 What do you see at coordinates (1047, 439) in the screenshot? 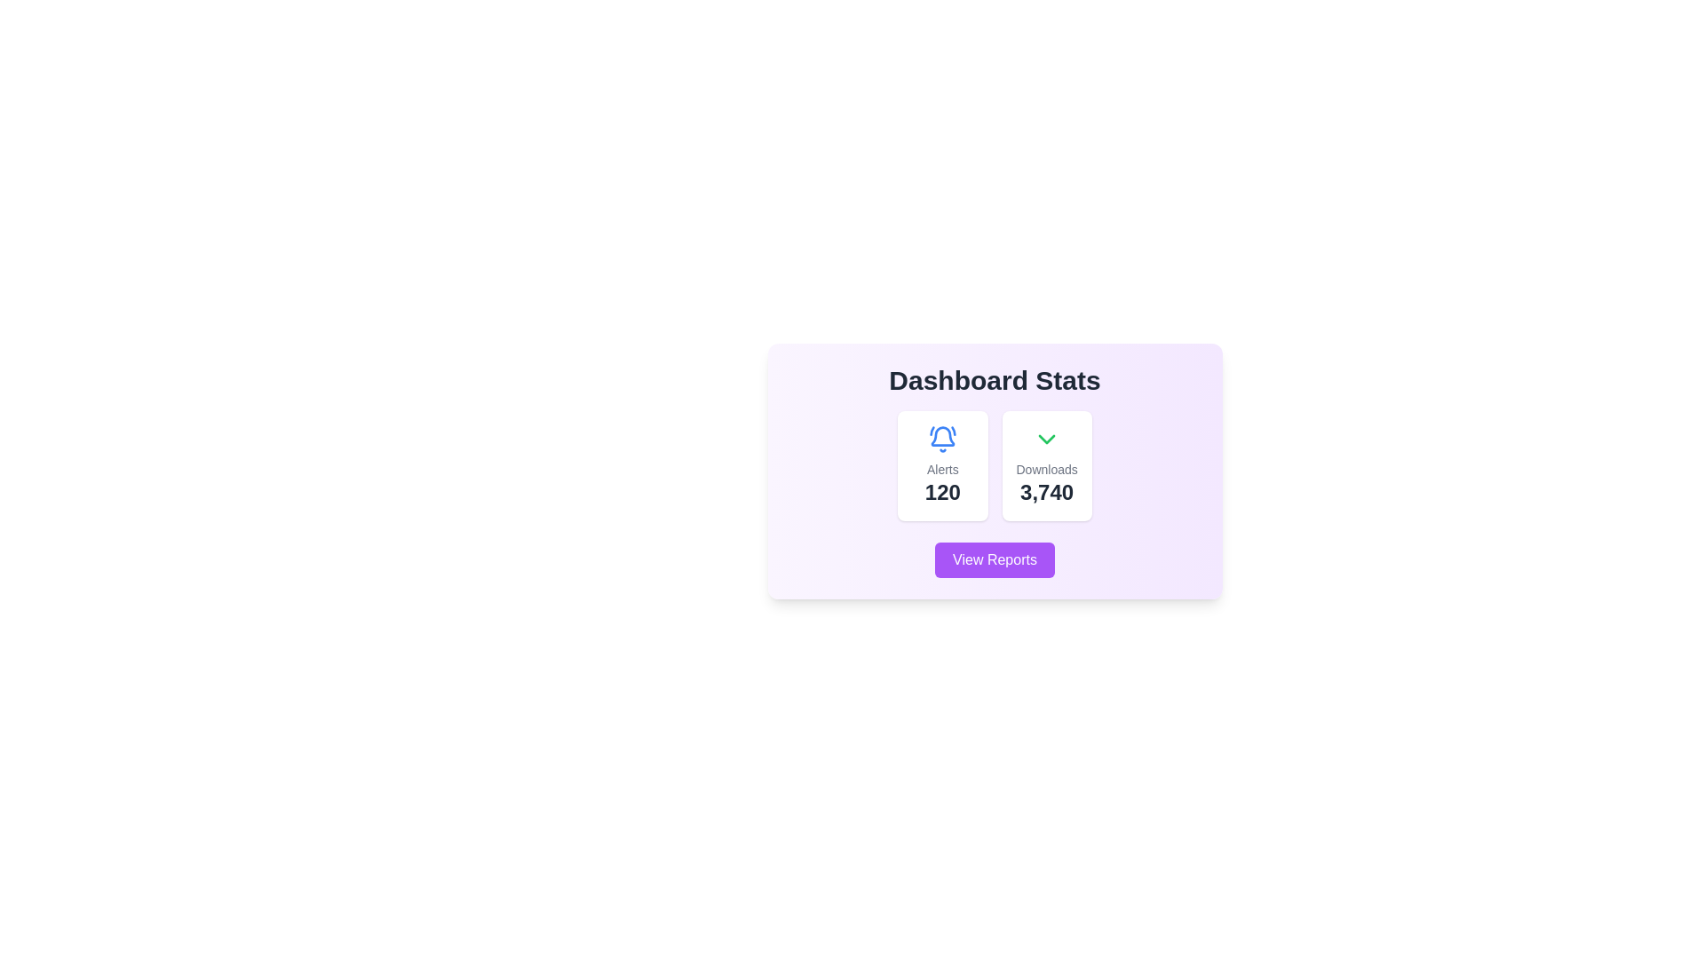
I see `the green downward-pointing chevron icon located above the 'Downloads' text and the number '3,740' for accessibility navigation` at bounding box center [1047, 439].